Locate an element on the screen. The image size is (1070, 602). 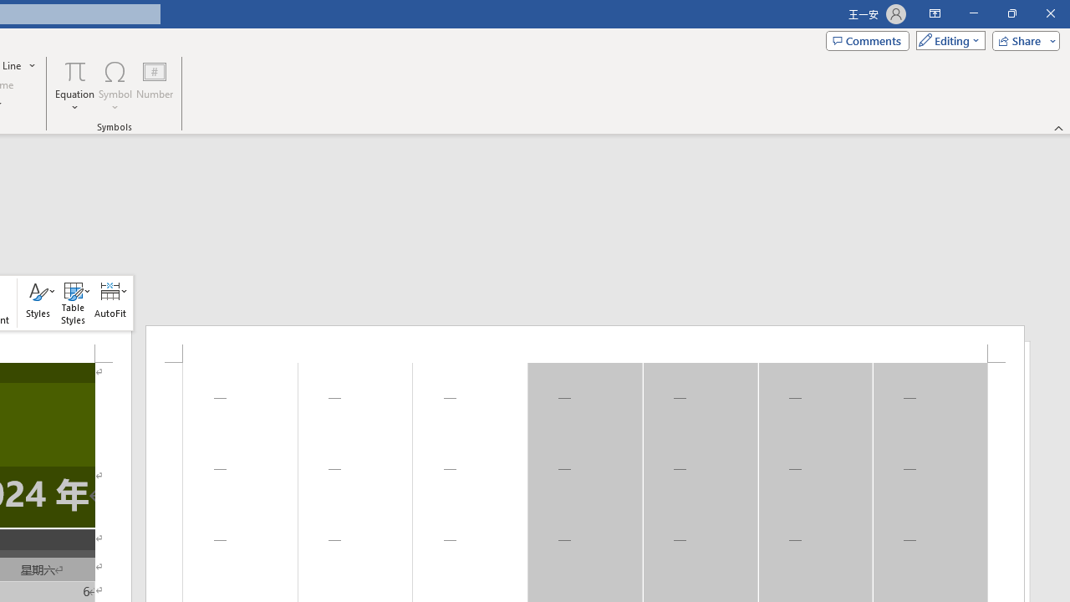
'Table Styles' is located at coordinates (72, 303).